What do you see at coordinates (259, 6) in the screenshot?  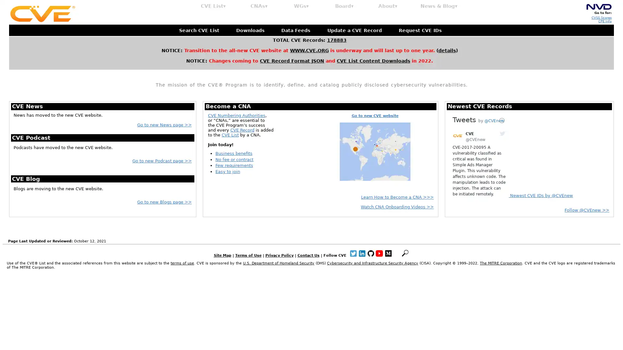 I see `CNAs` at bounding box center [259, 6].